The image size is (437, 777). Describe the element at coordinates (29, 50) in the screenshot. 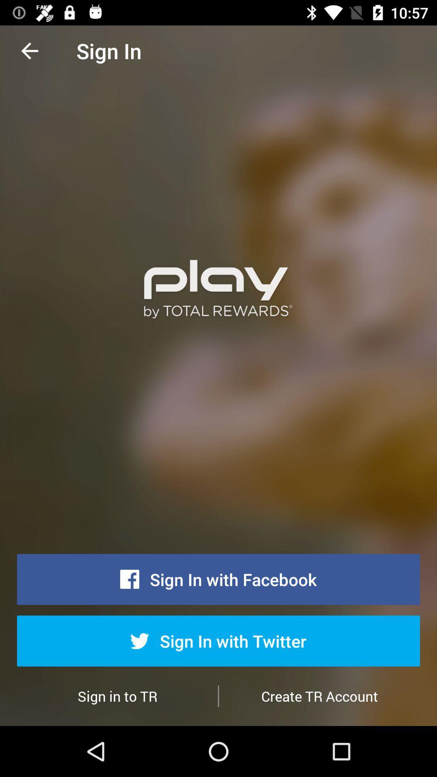

I see `the item above the sign in to` at that location.